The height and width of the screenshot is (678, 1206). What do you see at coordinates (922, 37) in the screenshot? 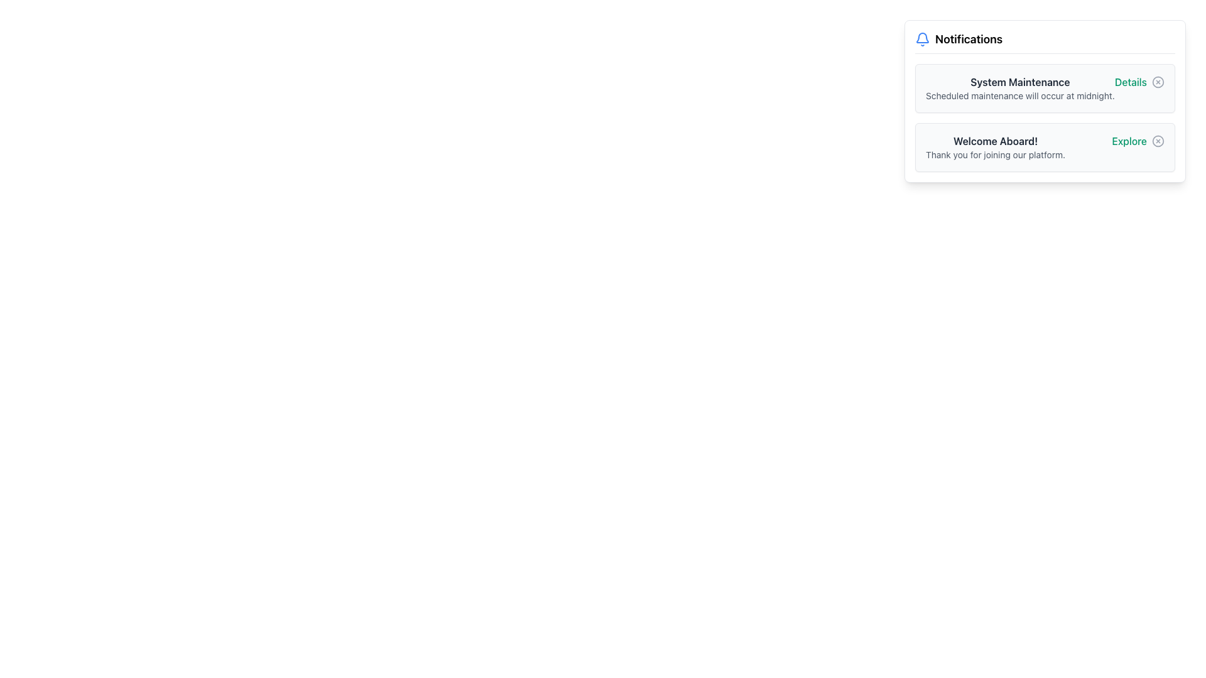
I see `the bell icon located in the top-left corner of the notification card, adjacent to the 'Notifications' title text` at bounding box center [922, 37].